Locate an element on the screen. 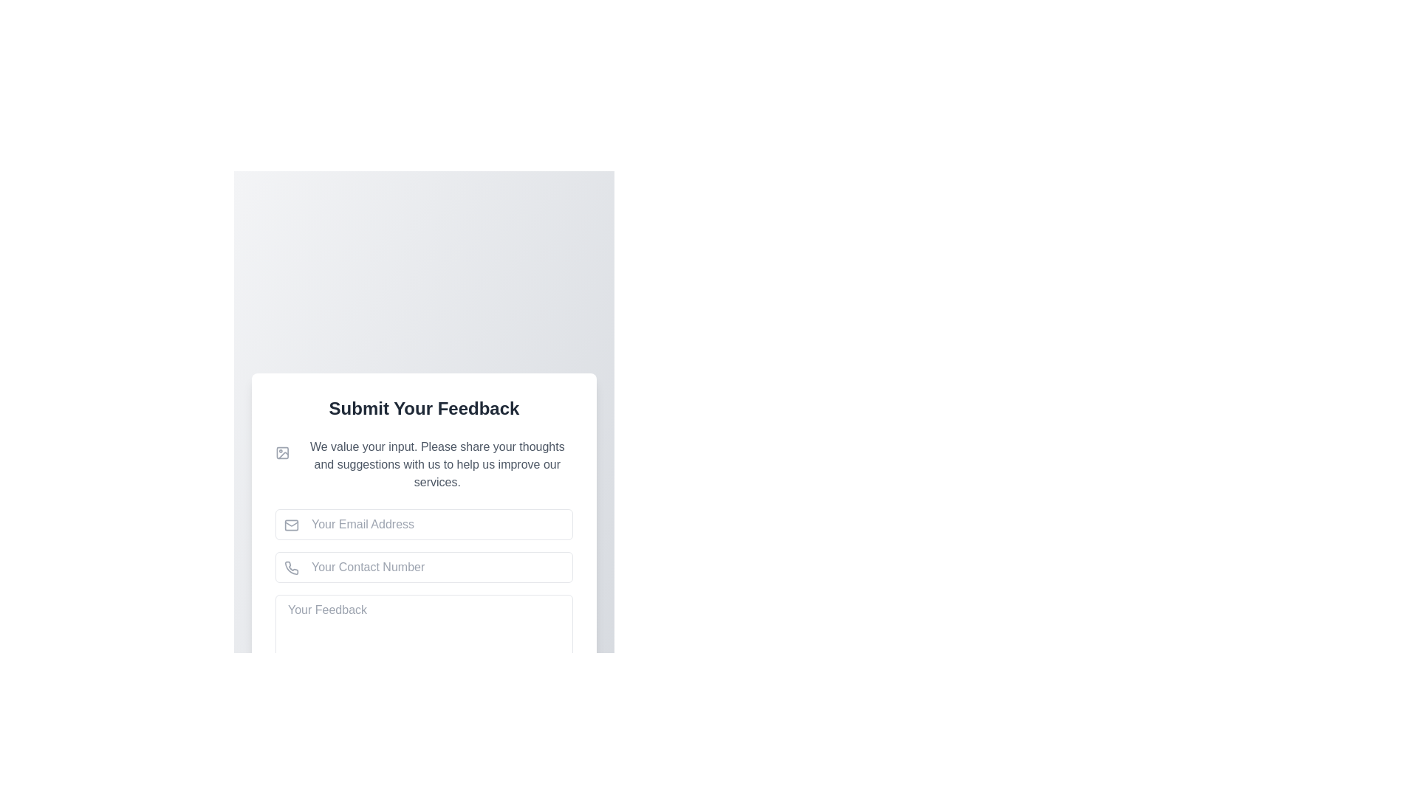  the text block containing the message 'We value your input. Please share your thoughts and suggestions with us to help us improve our services.' which is located under the header 'Submit Your Feedback' is located at coordinates (423, 463).